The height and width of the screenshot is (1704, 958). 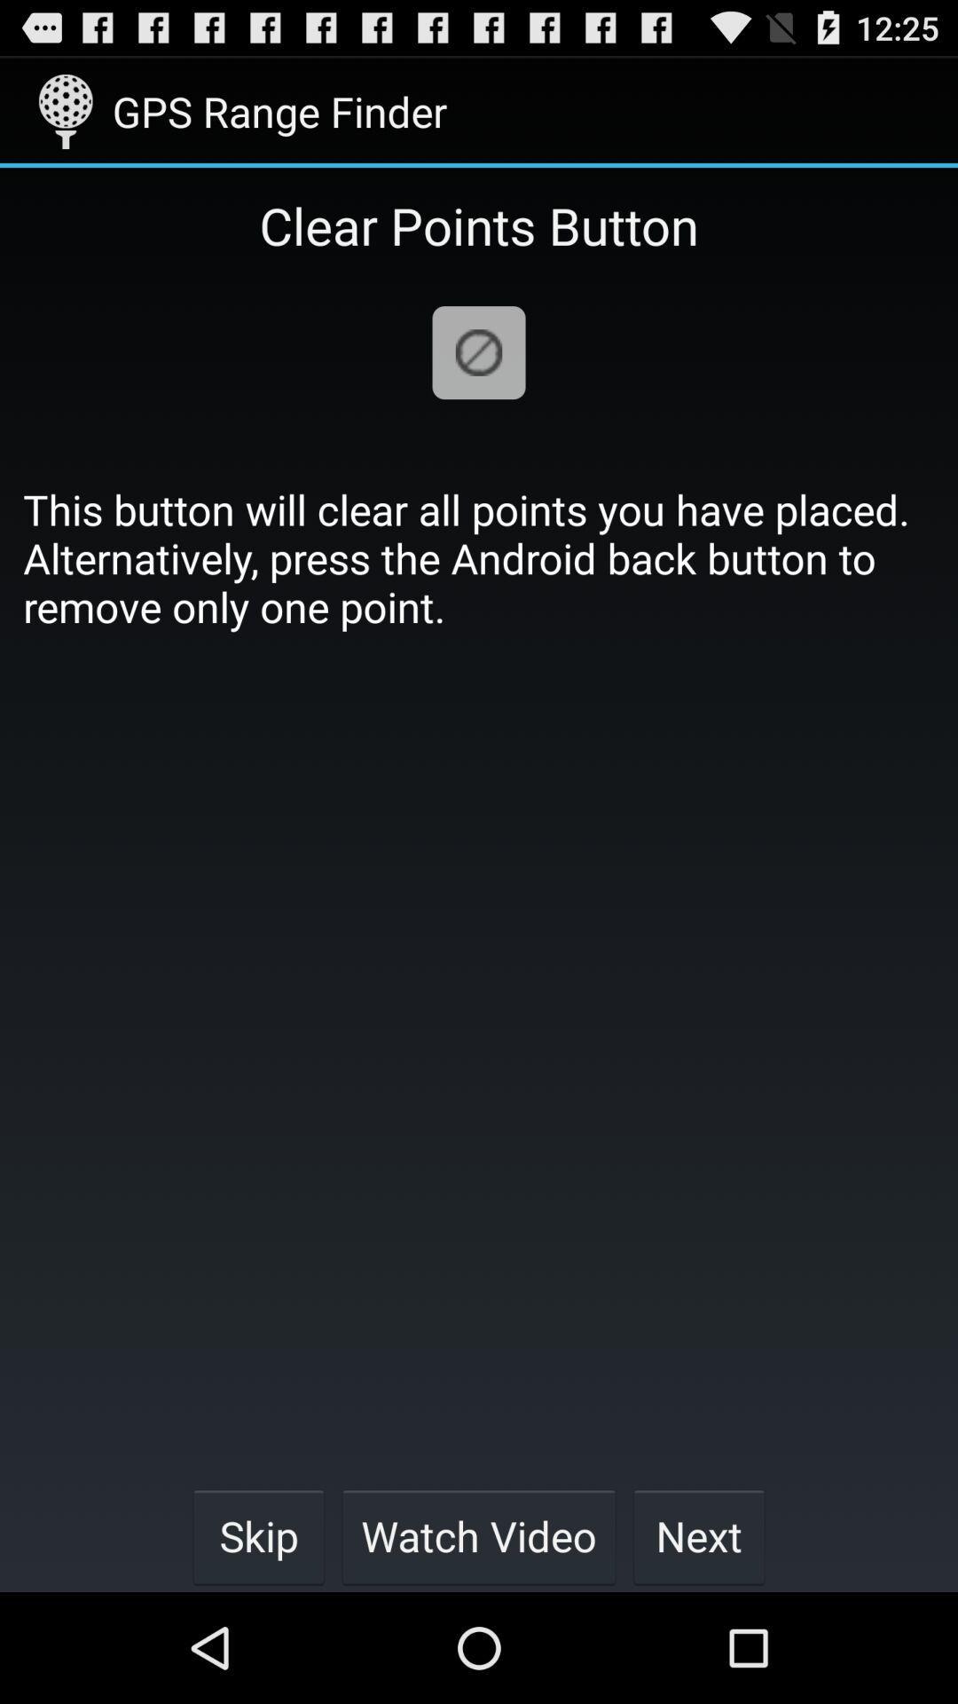 I want to click on the explore icon, so click(x=479, y=376).